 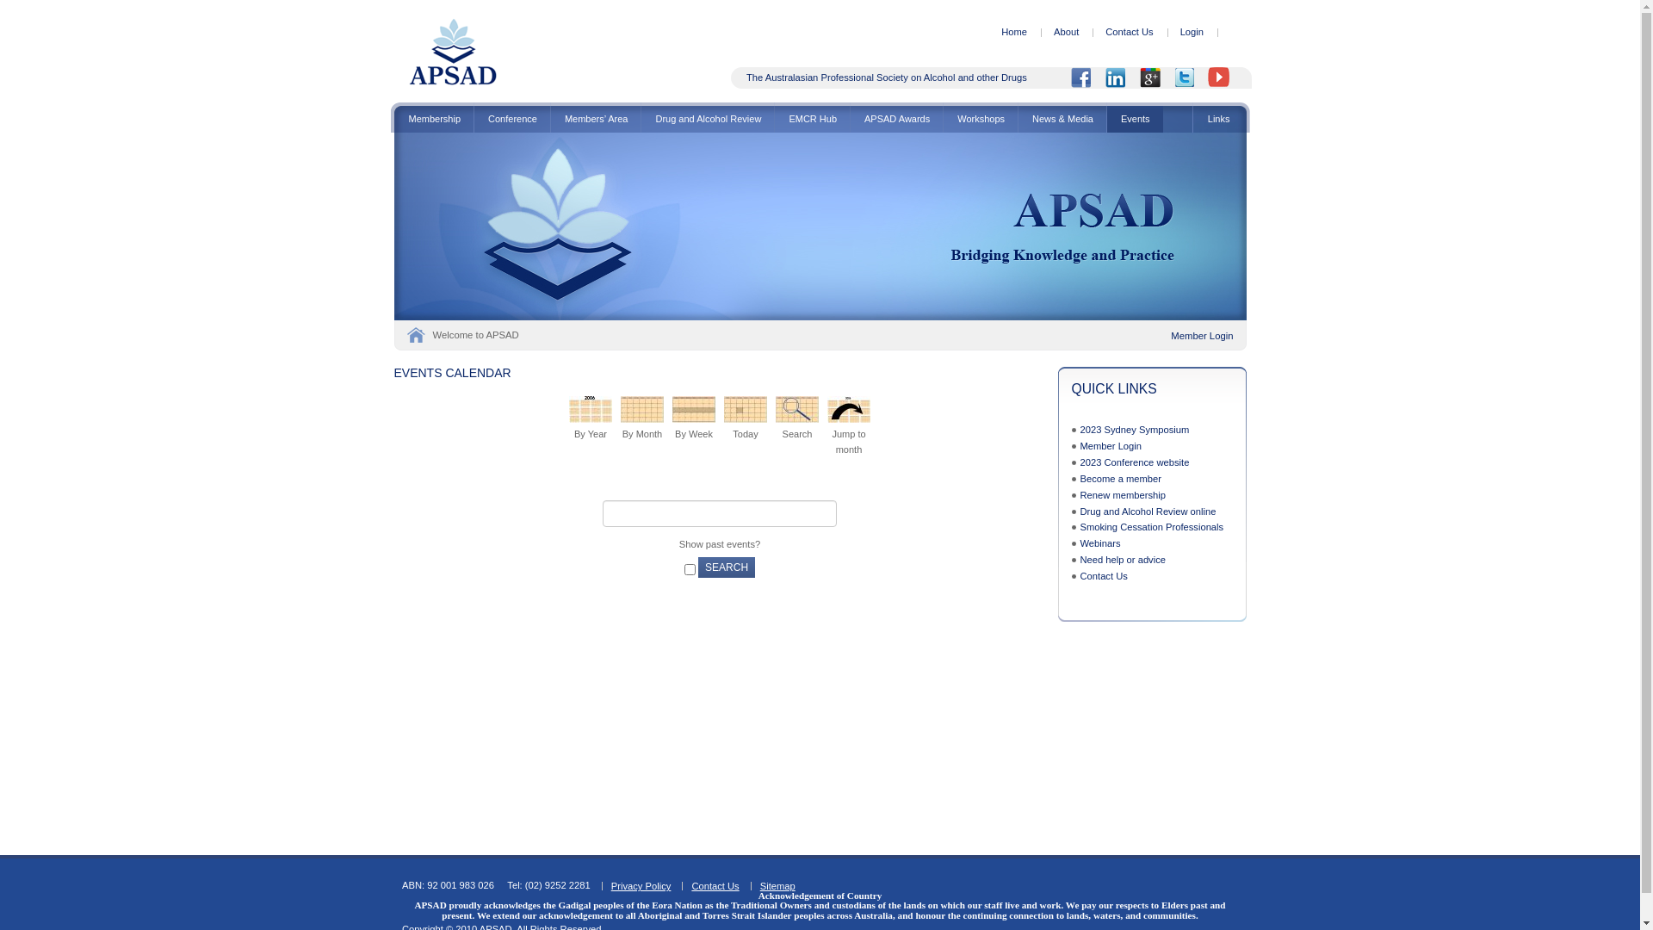 I want to click on 'News & Media', so click(x=1061, y=118).